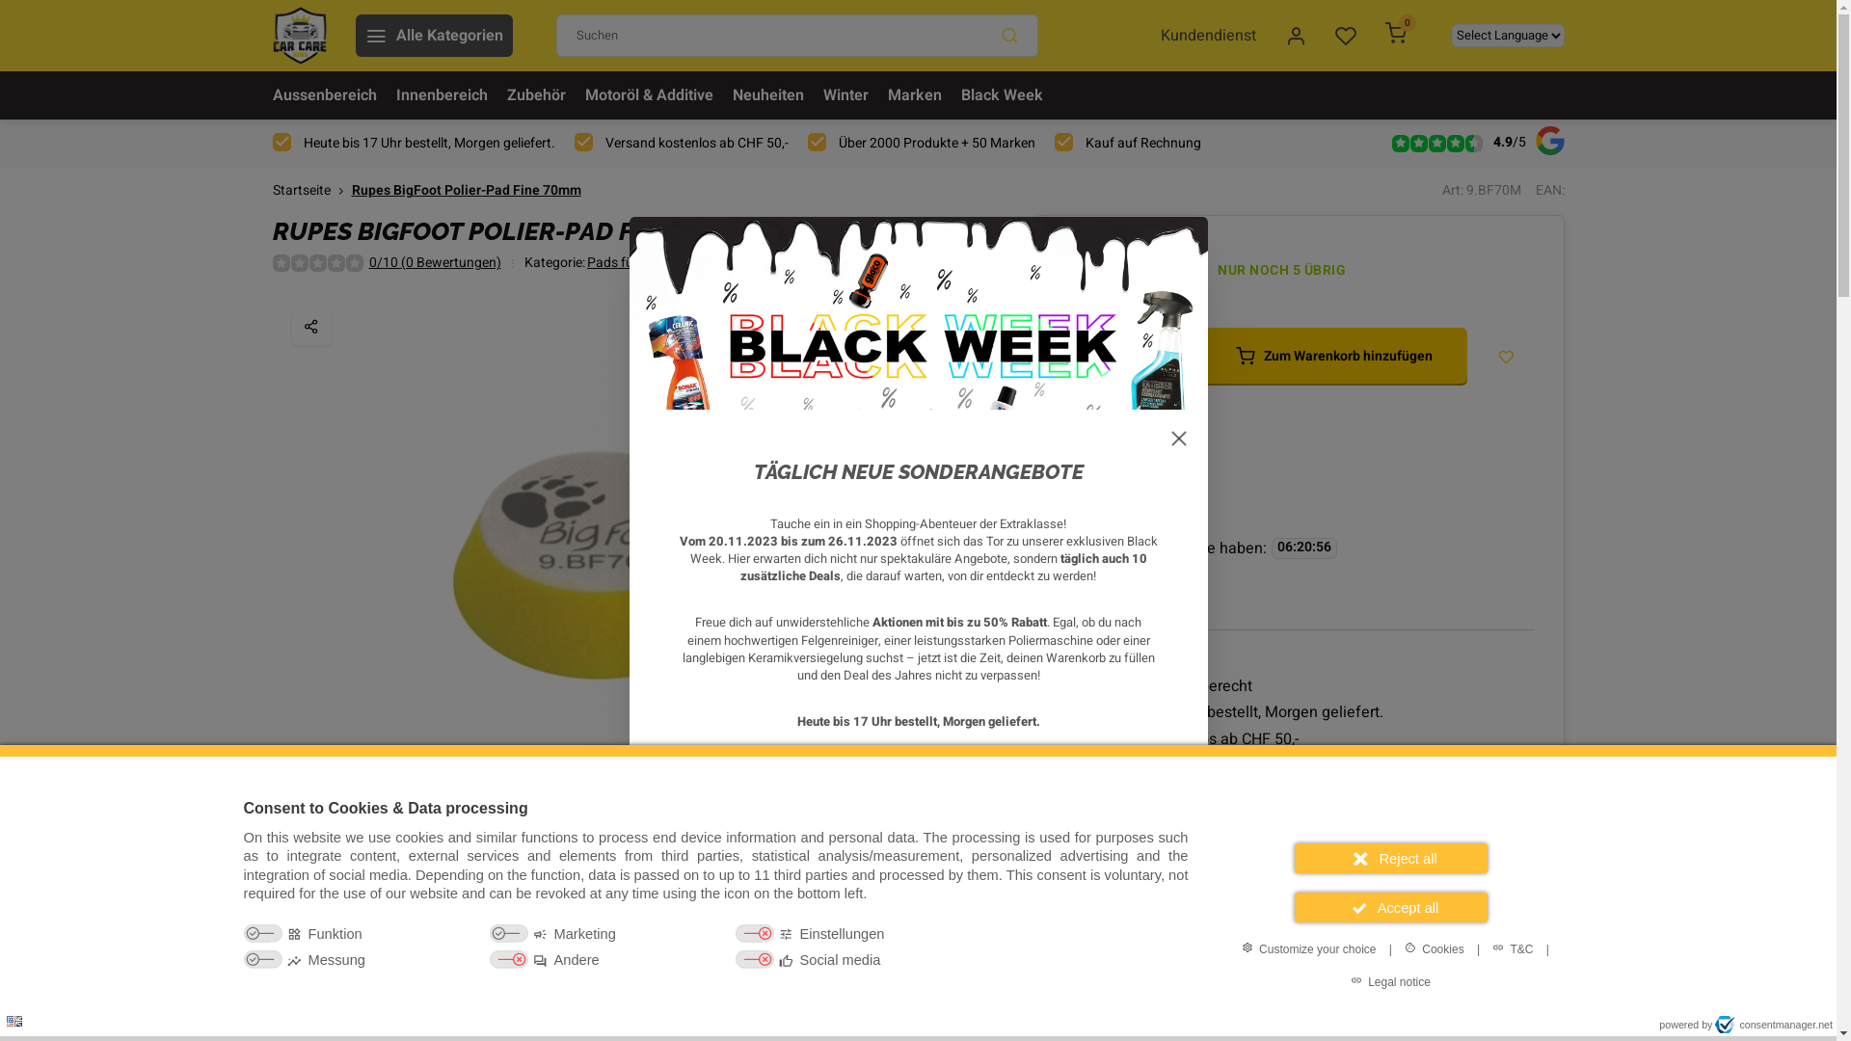 This screenshot has height=1041, width=1851. Describe the element at coordinates (913, 95) in the screenshot. I see `'Marken'` at that location.